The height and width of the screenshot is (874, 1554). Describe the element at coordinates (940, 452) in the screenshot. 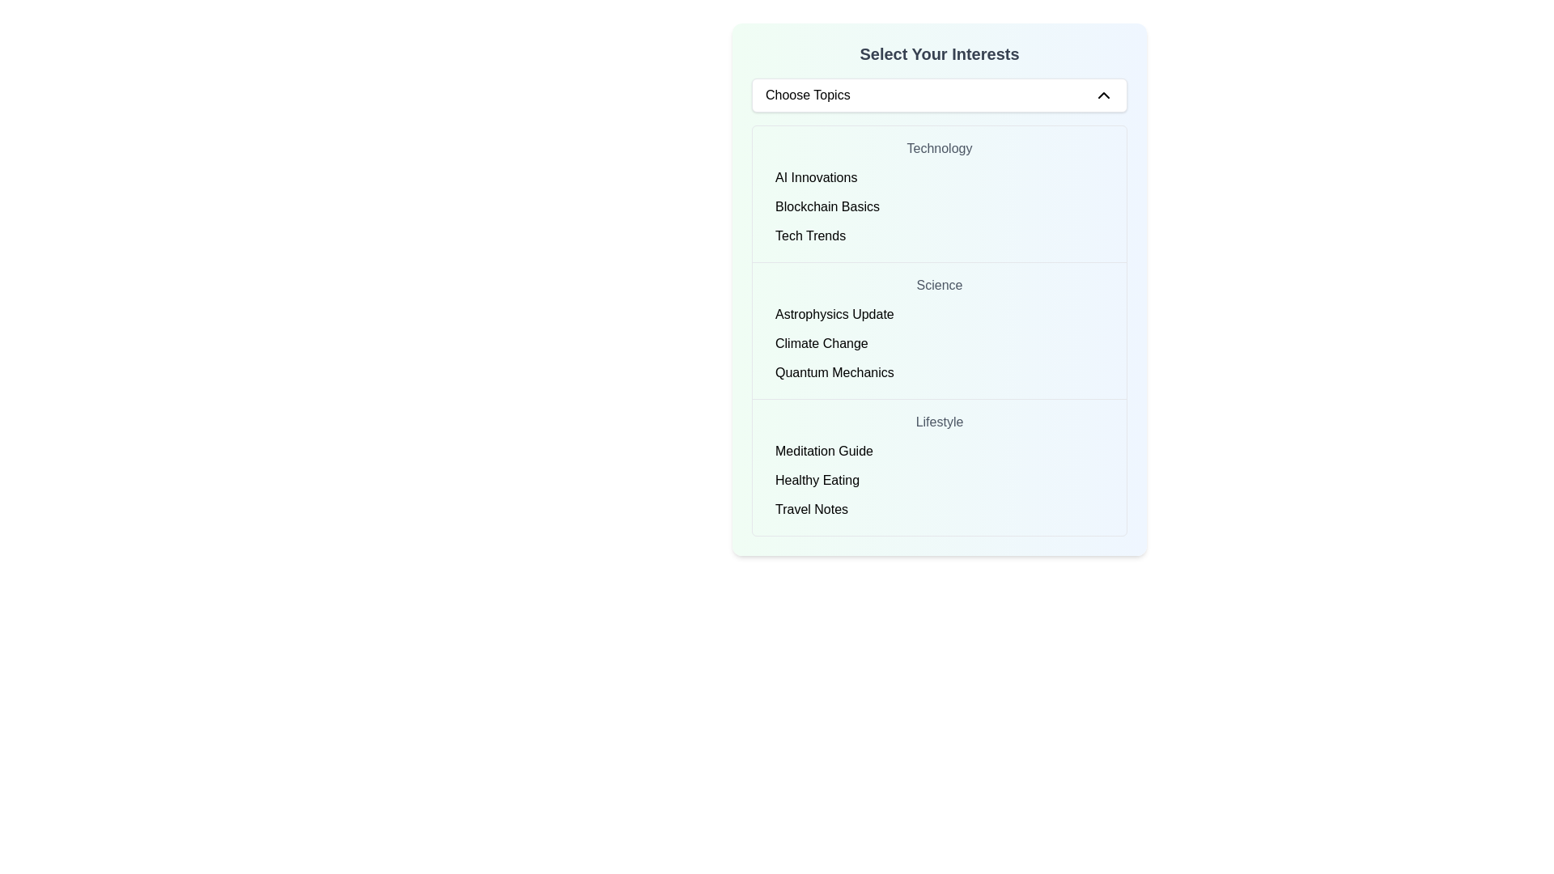

I see `the 'Meditation Guide' clickable option in the Lifestyle section` at that location.